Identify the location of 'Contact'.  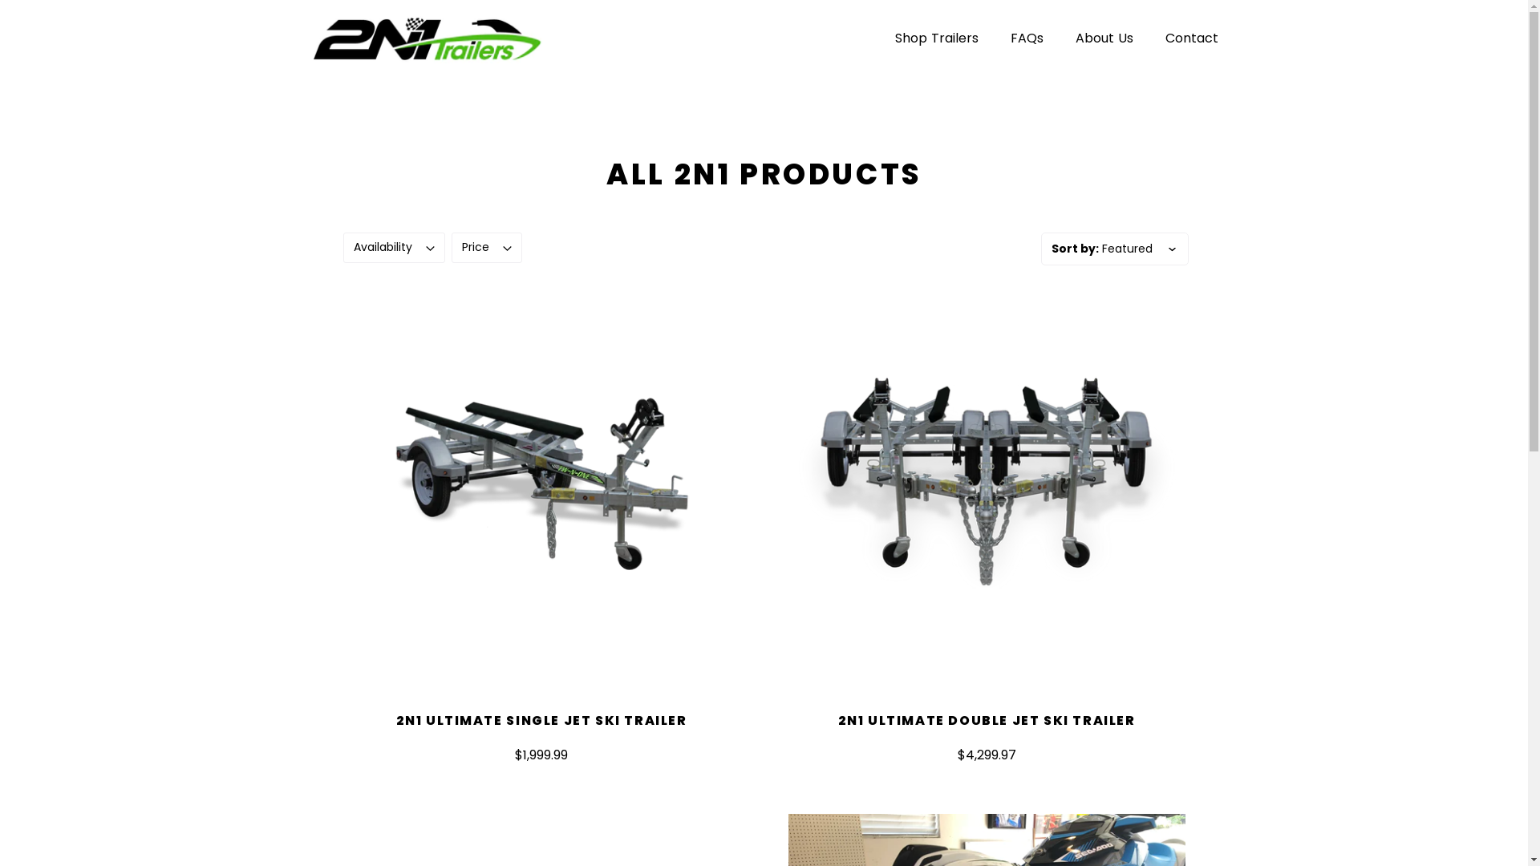
(1190, 37).